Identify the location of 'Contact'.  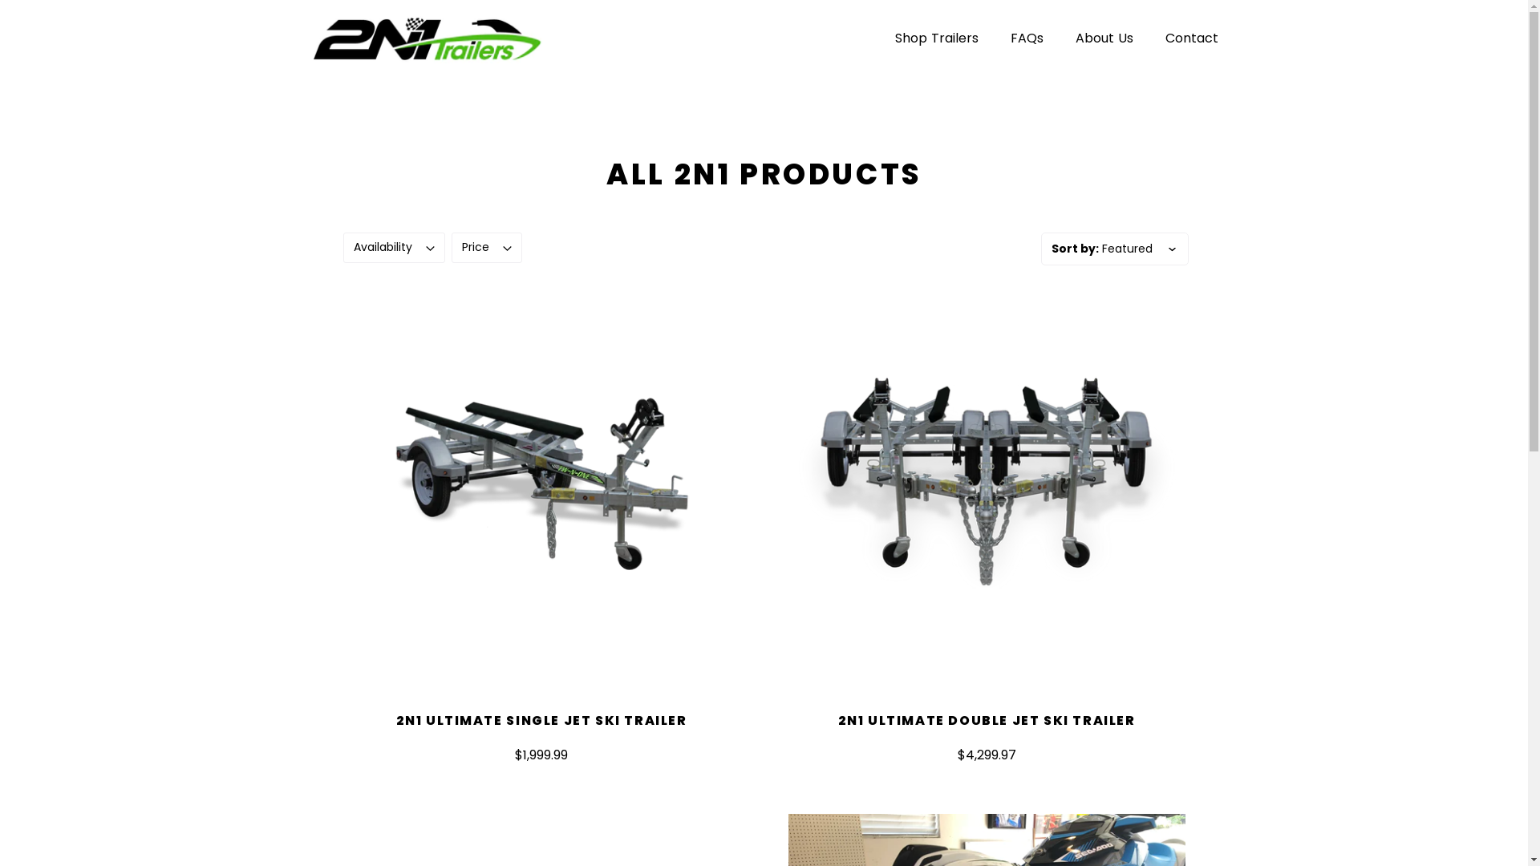
(1190, 37).